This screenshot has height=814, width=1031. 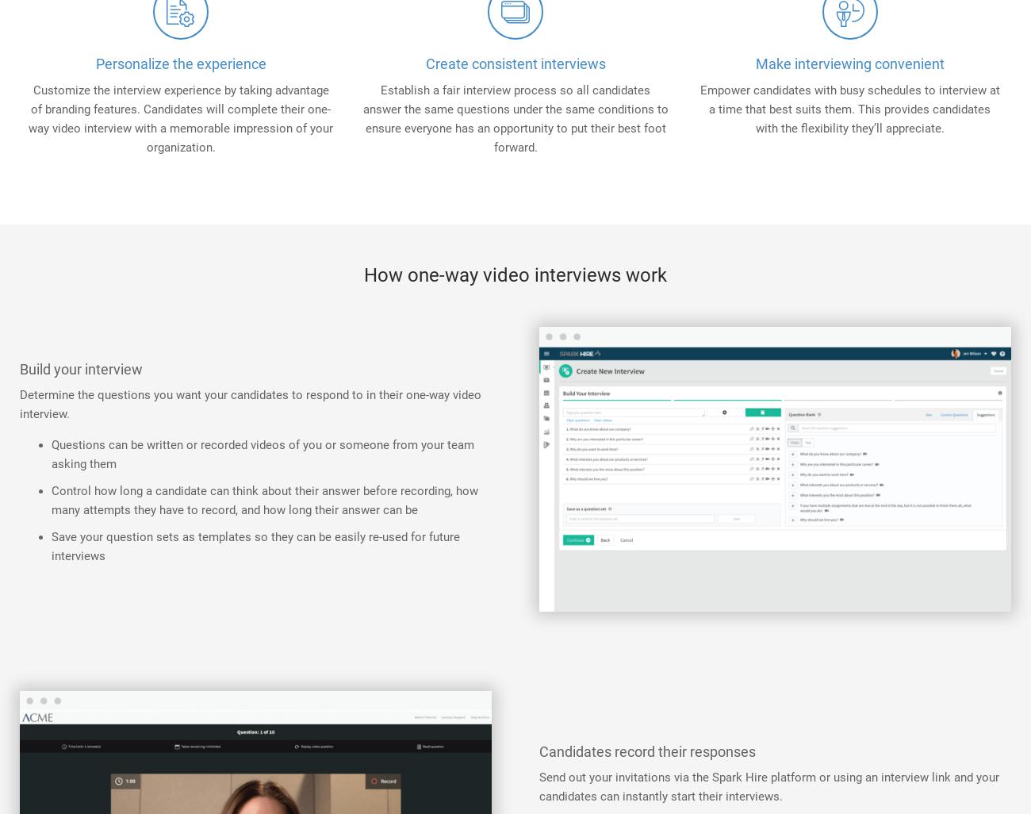 I want to click on 'For Staffing Firms', so click(x=485, y=201).